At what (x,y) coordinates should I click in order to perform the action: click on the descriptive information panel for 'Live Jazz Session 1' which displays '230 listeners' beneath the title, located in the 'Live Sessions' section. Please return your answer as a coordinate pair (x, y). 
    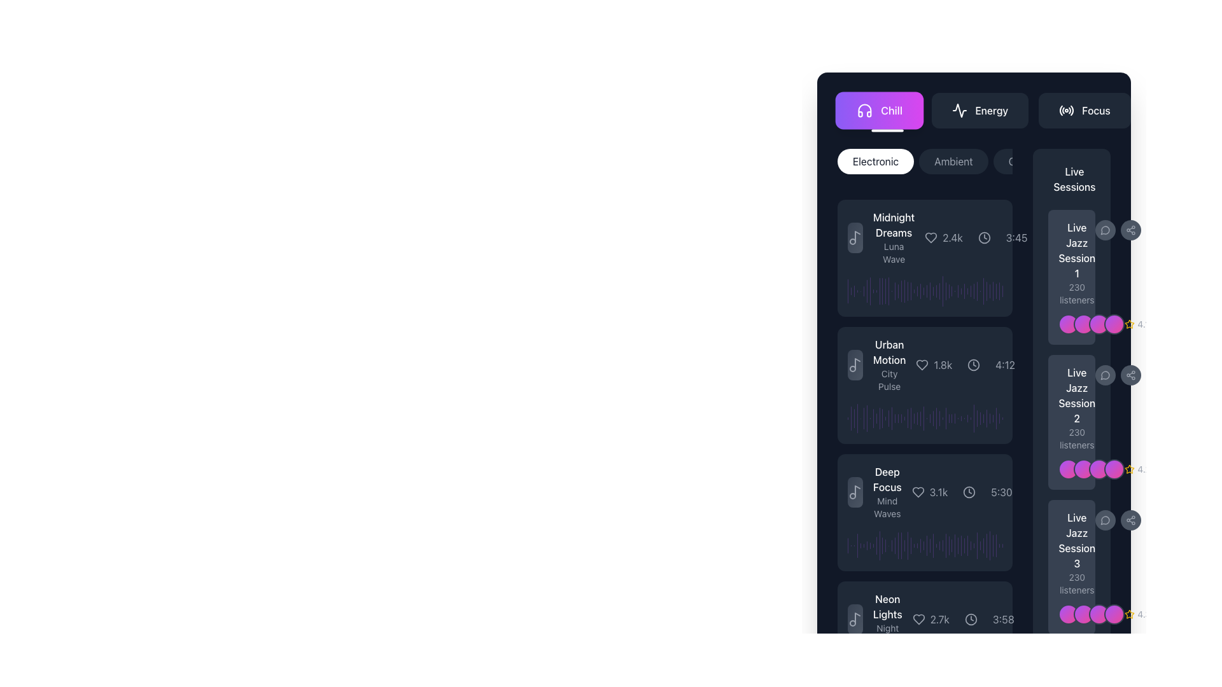
    Looking at the image, I should click on (1076, 262).